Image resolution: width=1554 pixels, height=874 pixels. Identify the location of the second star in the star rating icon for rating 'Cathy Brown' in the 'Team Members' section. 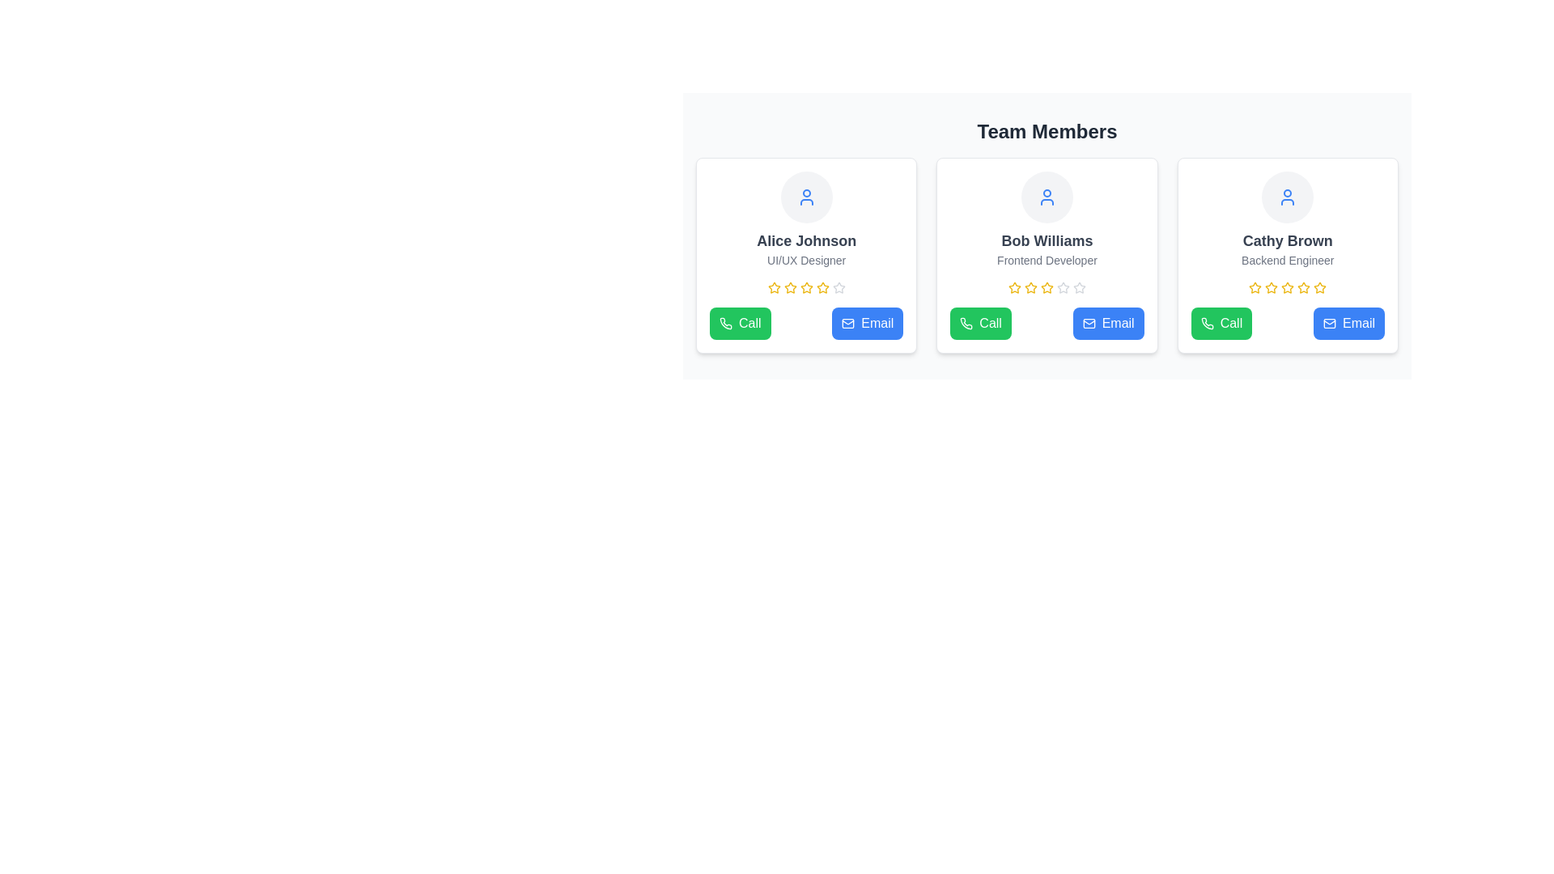
(1255, 286).